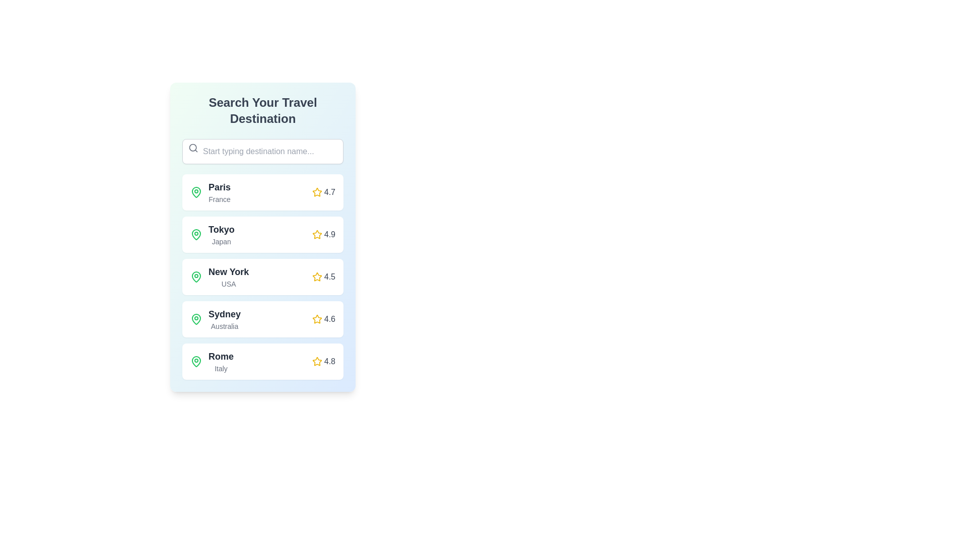 The width and height of the screenshot is (967, 544). What do you see at coordinates (323, 319) in the screenshot?
I see `the Rating component displaying a yellow star icon and the text '4.6', which is associated with the location 'Sydney' in the list of elements` at bounding box center [323, 319].